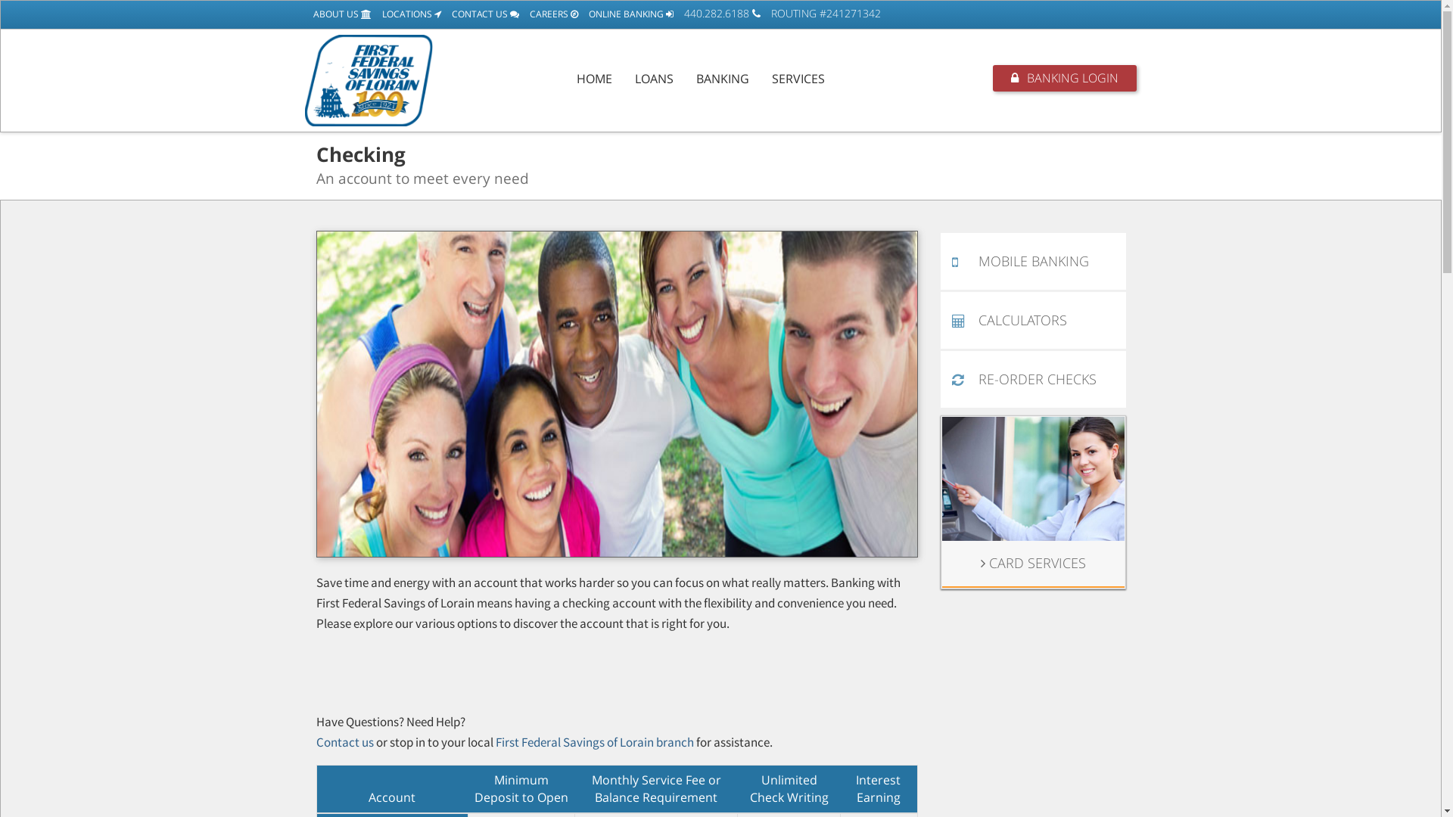  I want to click on 'SERVICES', so click(759, 79).